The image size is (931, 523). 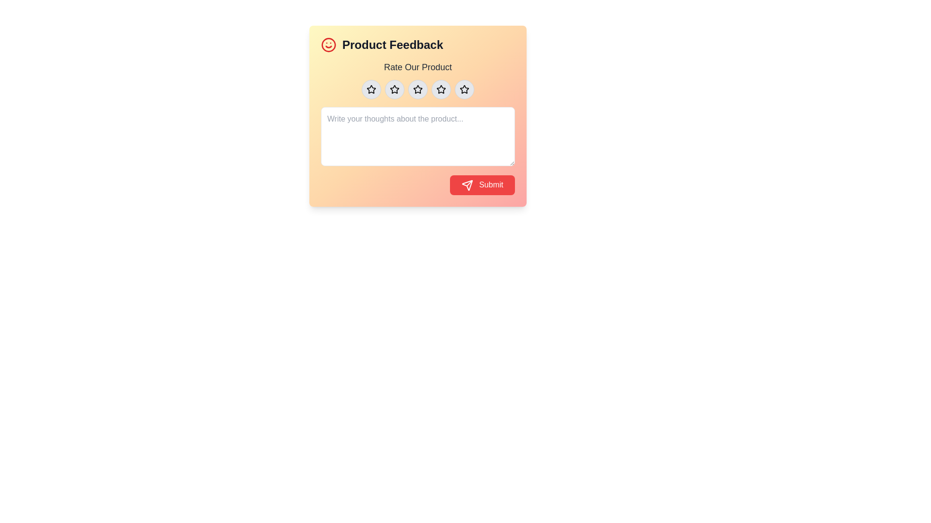 What do you see at coordinates (464, 90) in the screenshot?
I see `the fifth star in the interactive star rating icon group below the 'Rate Our Product' text` at bounding box center [464, 90].